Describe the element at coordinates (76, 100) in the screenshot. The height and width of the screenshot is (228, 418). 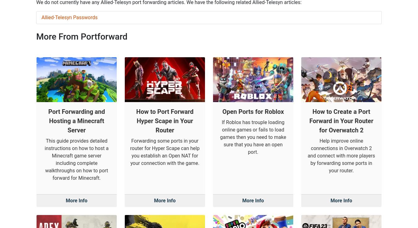
I see `'This guide provides detailed instructions on how to host a Minecraft game server including complete walkthroughs on how to port forward for Minecraft.'` at that location.